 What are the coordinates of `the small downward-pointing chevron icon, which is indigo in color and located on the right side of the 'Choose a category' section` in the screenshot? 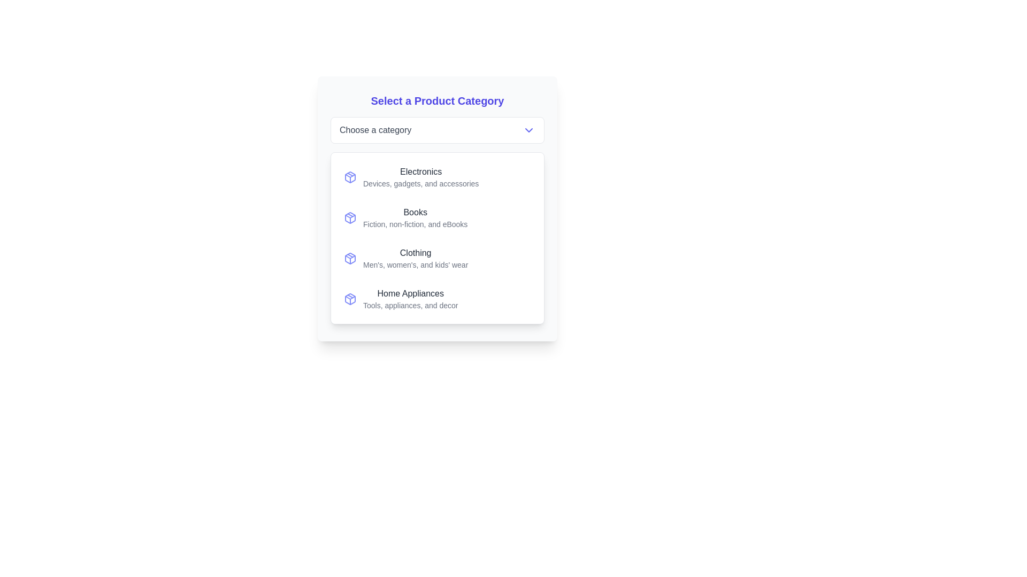 It's located at (528, 129).